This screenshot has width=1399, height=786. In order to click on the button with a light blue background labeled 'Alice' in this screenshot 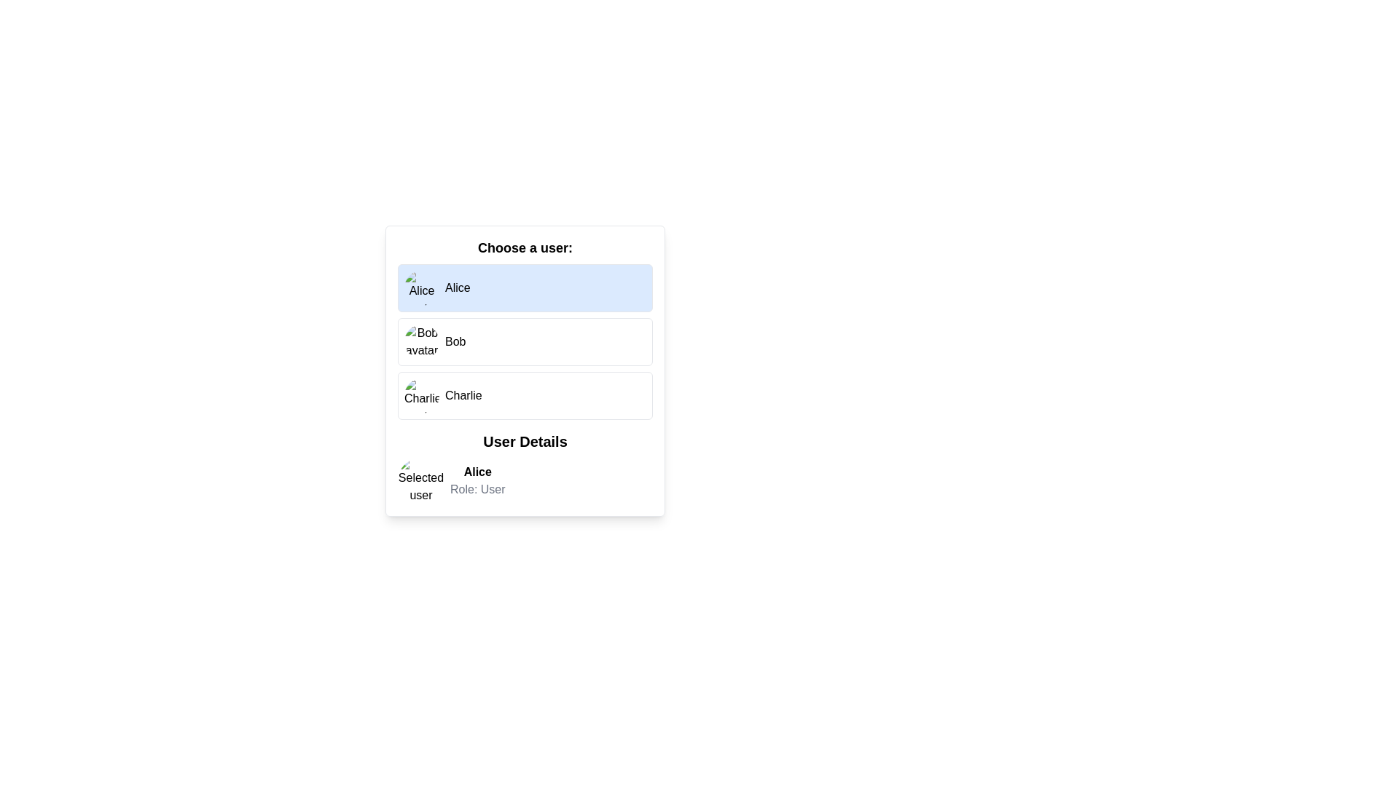, I will do `click(525, 288)`.